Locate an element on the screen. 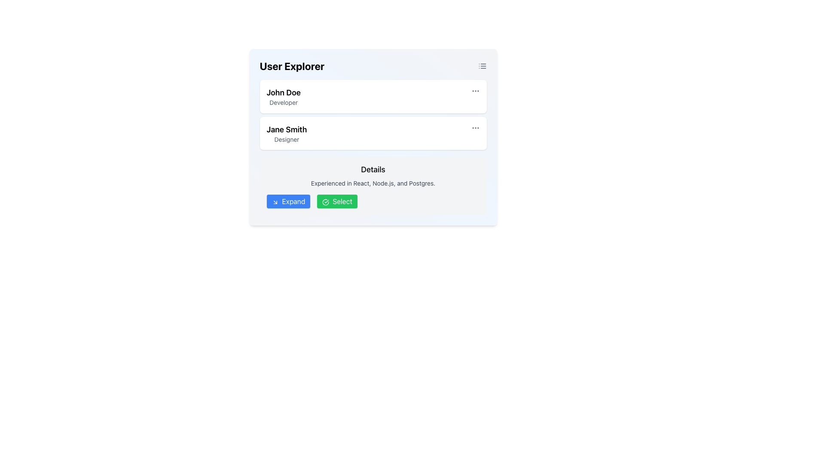  the information display card located at the center of the user profile section, which includes user information such as name and role is located at coordinates (373, 137).